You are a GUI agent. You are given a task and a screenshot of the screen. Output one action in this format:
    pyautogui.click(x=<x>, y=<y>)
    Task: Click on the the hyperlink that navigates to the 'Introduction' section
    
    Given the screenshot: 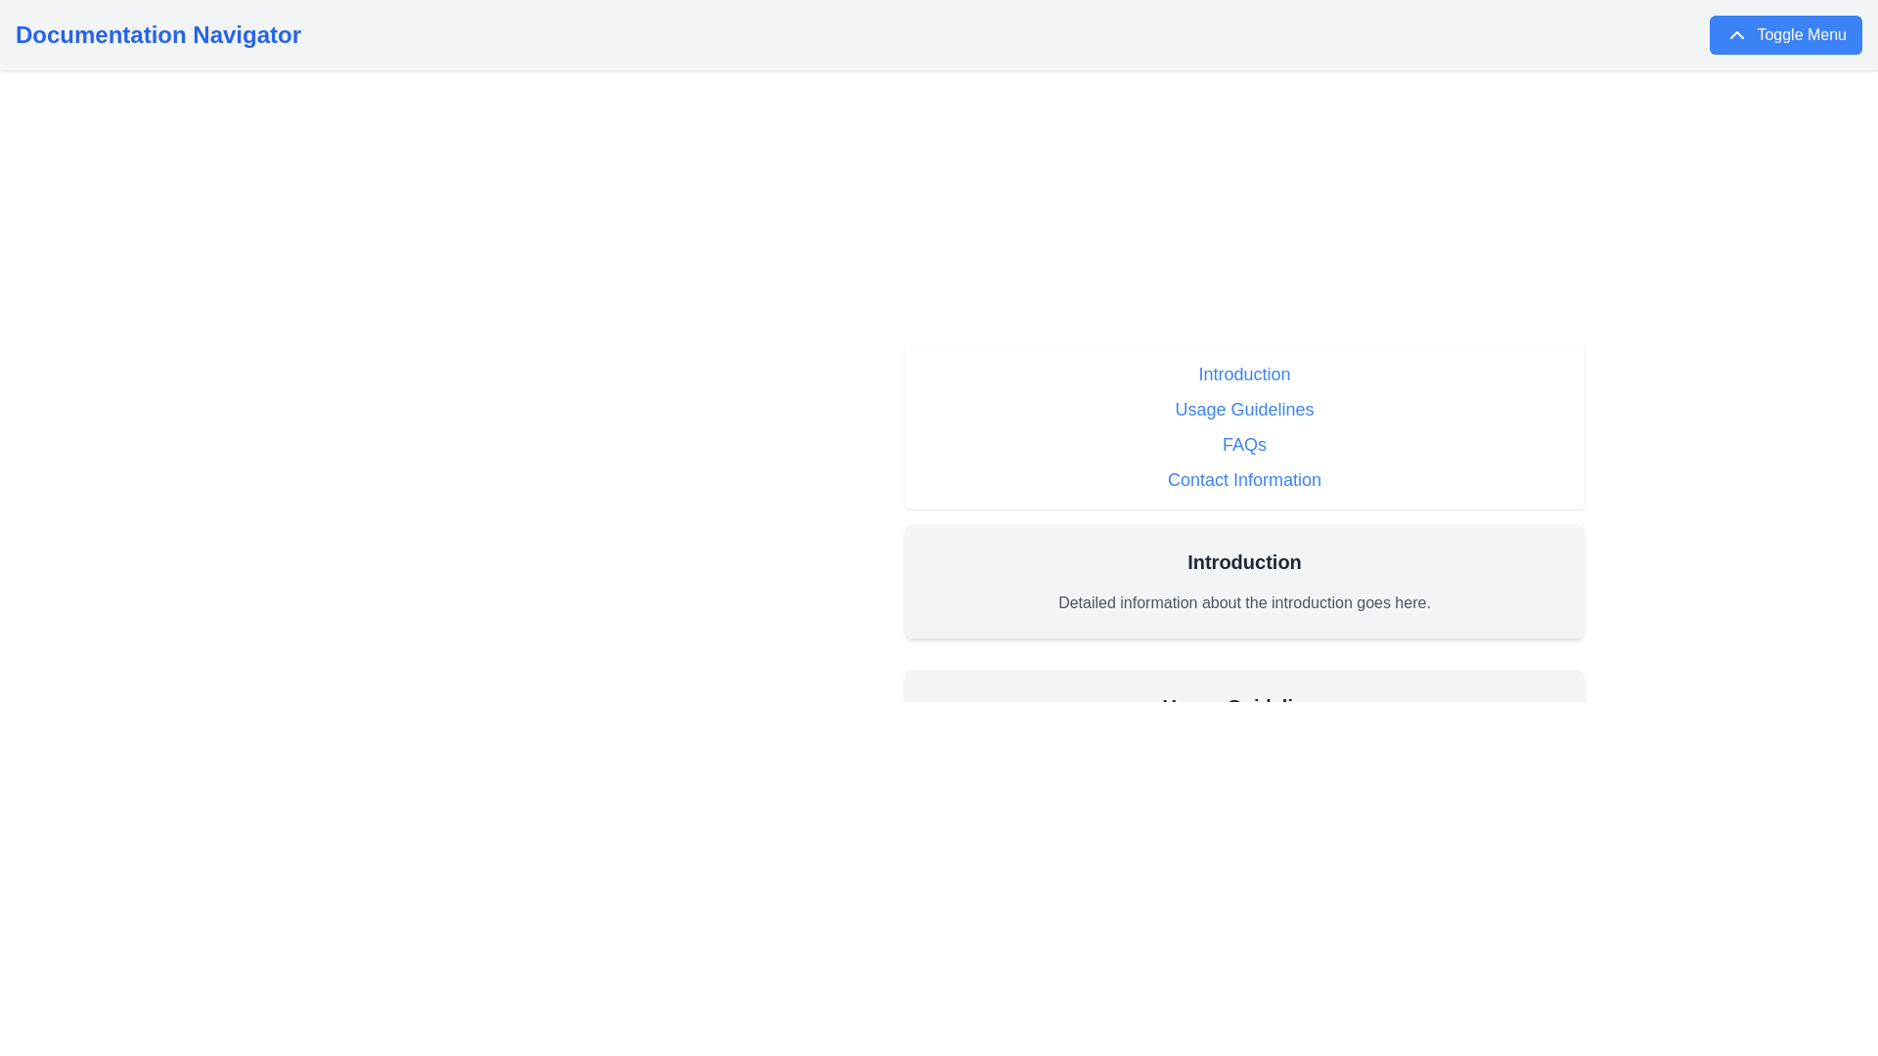 What is the action you would take?
    pyautogui.click(x=1243, y=374)
    